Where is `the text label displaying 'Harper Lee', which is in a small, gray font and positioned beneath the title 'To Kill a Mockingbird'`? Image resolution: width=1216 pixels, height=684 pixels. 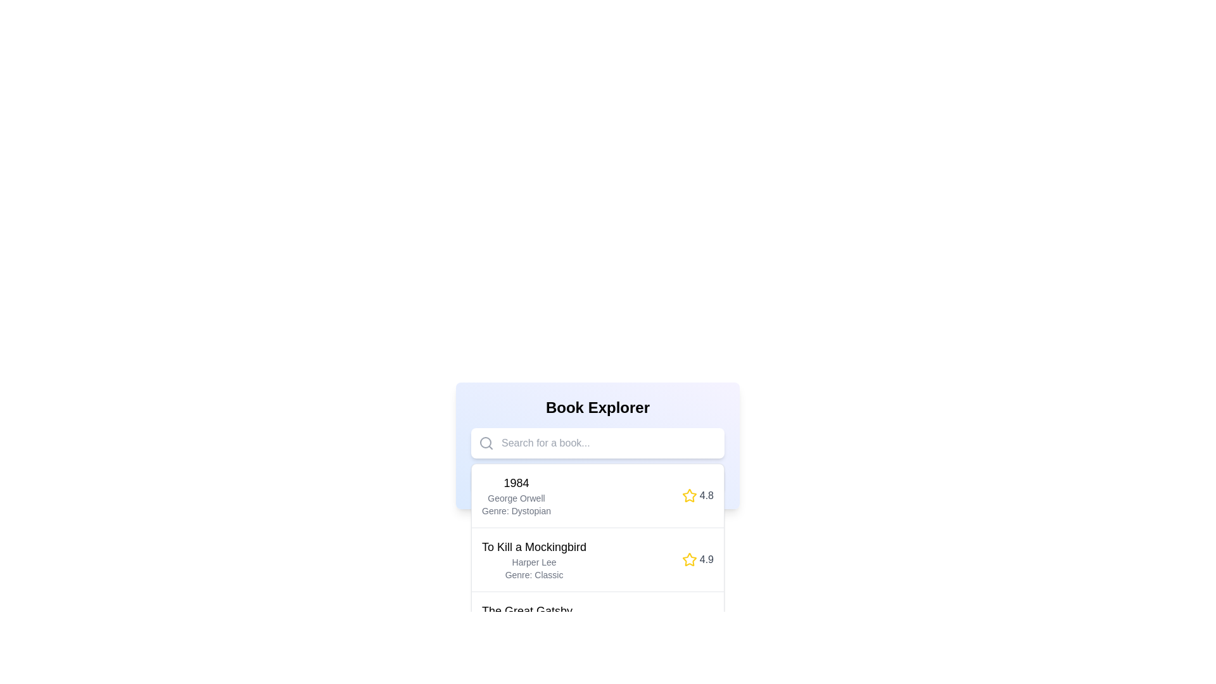
the text label displaying 'Harper Lee', which is in a small, gray font and positioned beneath the title 'To Kill a Mockingbird' is located at coordinates (534, 561).